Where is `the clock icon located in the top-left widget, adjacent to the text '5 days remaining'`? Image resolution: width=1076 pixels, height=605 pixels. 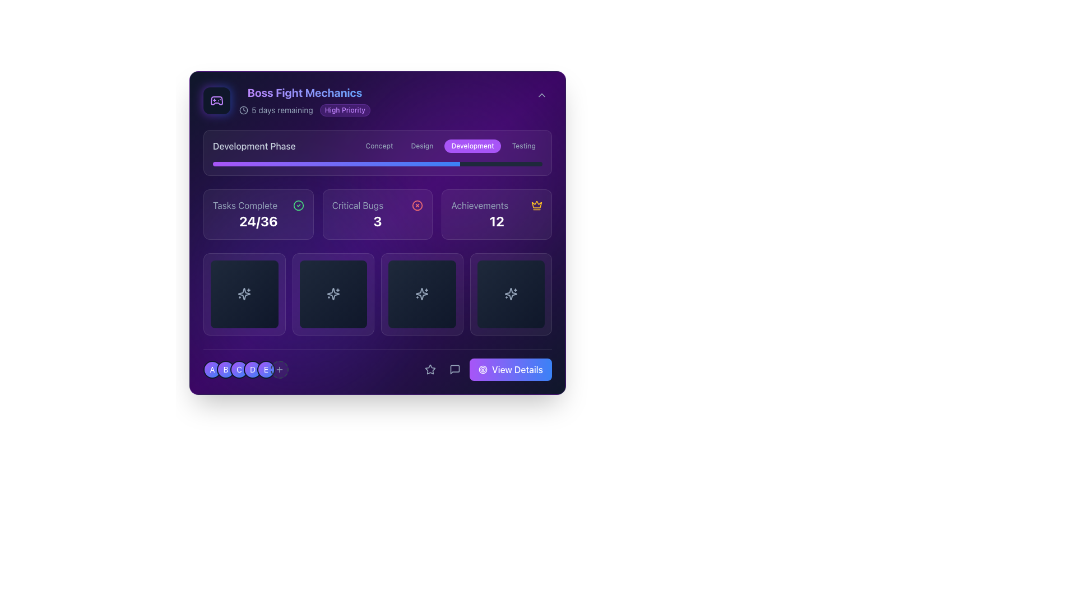
the clock icon located in the top-left widget, adjacent to the text '5 days remaining' is located at coordinates (243, 110).